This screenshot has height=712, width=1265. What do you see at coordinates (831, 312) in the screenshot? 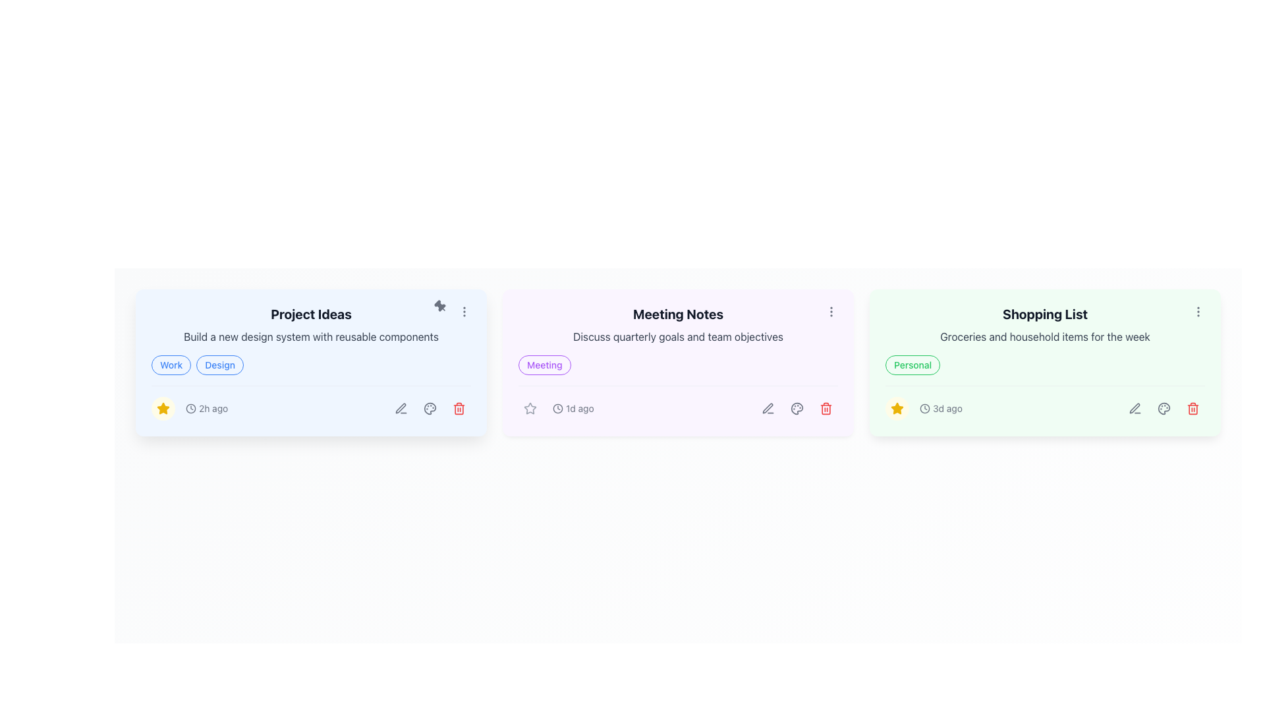
I see `the icon located at the top-right corner of the 'Meeting Notes' card` at bounding box center [831, 312].